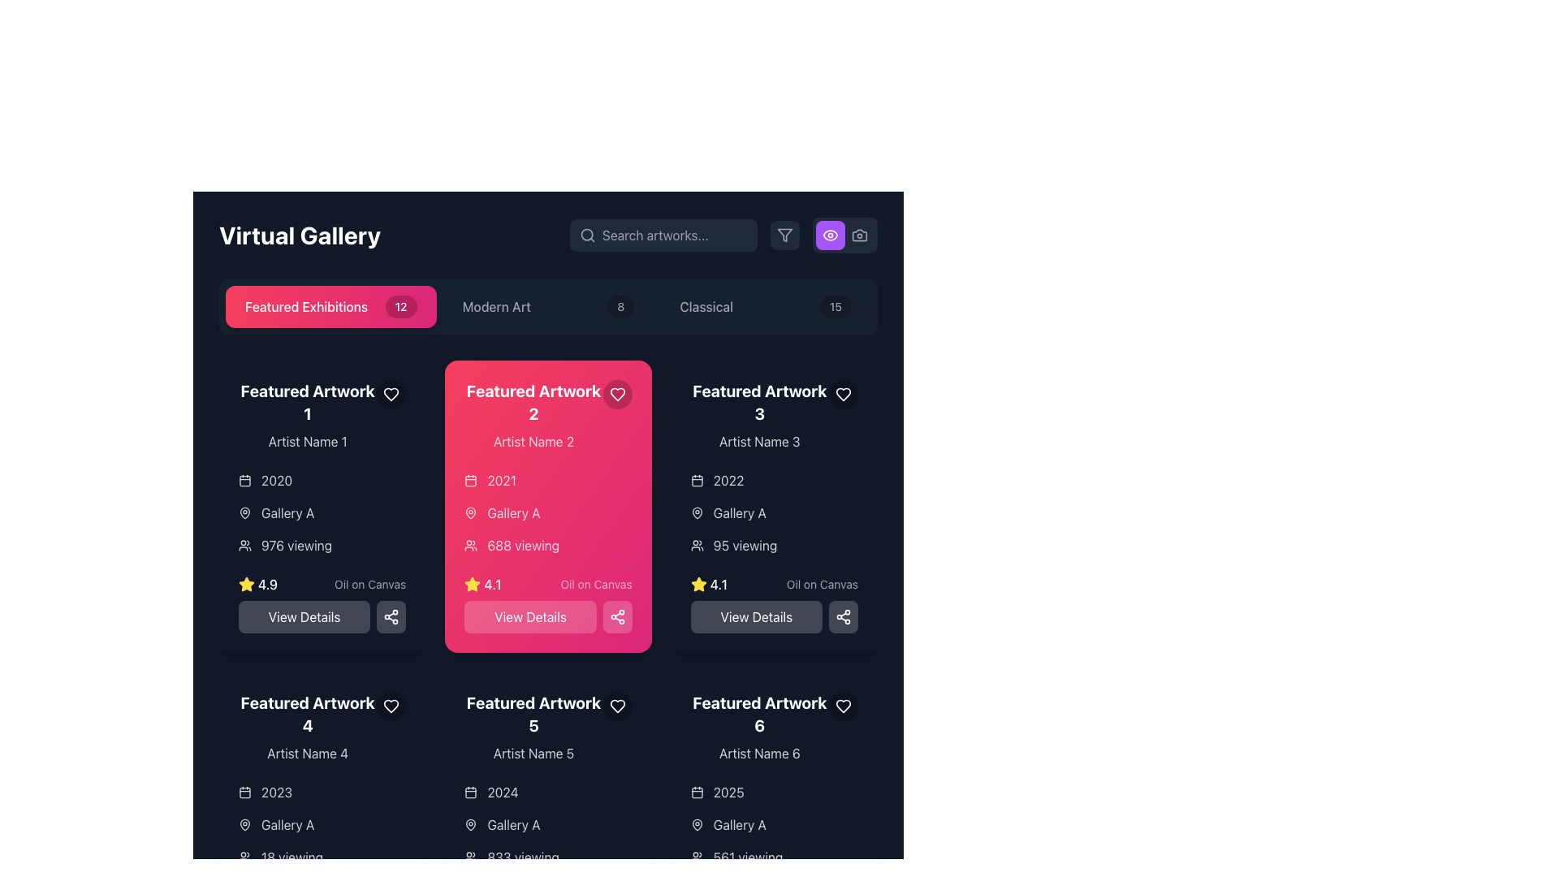 The width and height of the screenshot is (1559, 877). Describe the element at coordinates (843, 616) in the screenshot. I see `the share button located at the bottom-right corner of the 'Featured Artwork 3' card` at that location.